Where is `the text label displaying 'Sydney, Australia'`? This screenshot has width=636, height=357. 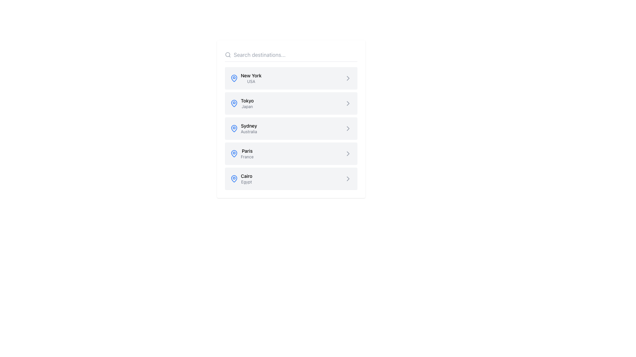 the text label displaying 'Sydney, Australia' is located at coordinates (248, 129).